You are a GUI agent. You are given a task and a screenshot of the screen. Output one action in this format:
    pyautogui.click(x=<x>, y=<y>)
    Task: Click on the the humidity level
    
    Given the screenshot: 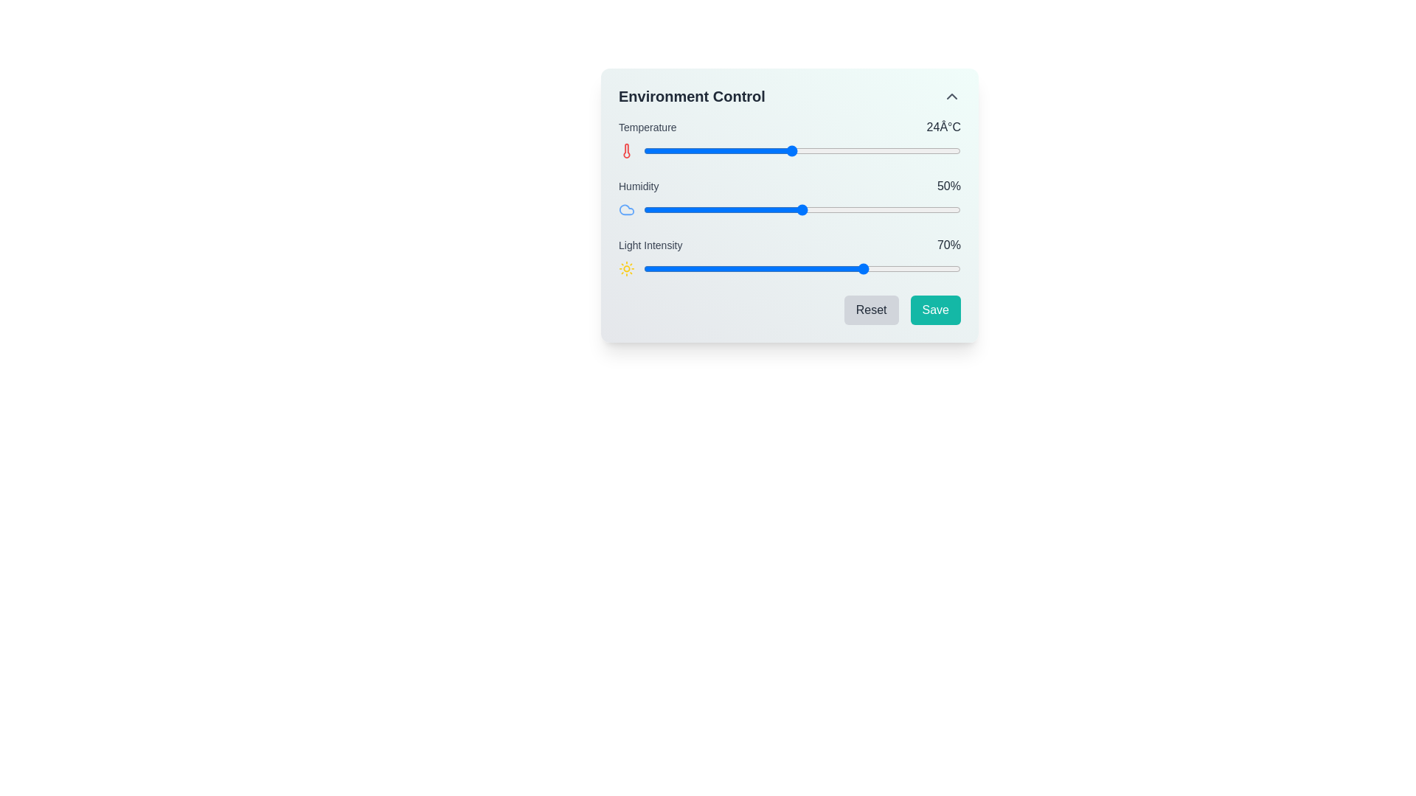 What is the action you would take?
    pyautogui.click(x=754, y=210)
    